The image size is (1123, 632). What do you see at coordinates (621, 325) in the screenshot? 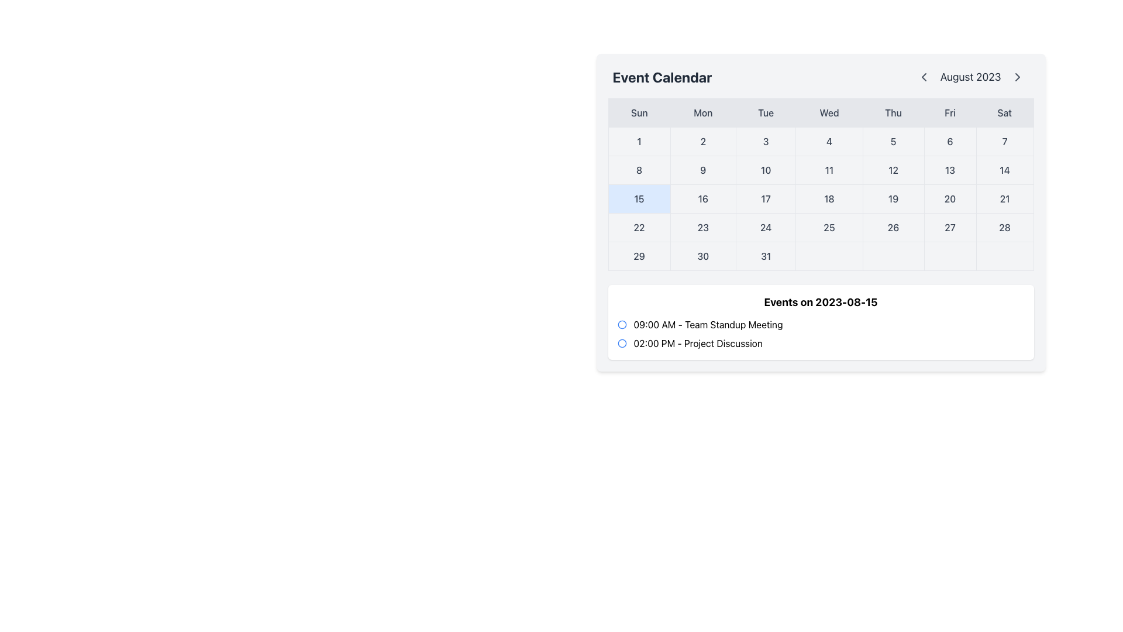
I see `the SVG circle indicator for the event on August 15, 2023, which is positioned near the middle-right side of the event details section` at bounding box center [621, 325].